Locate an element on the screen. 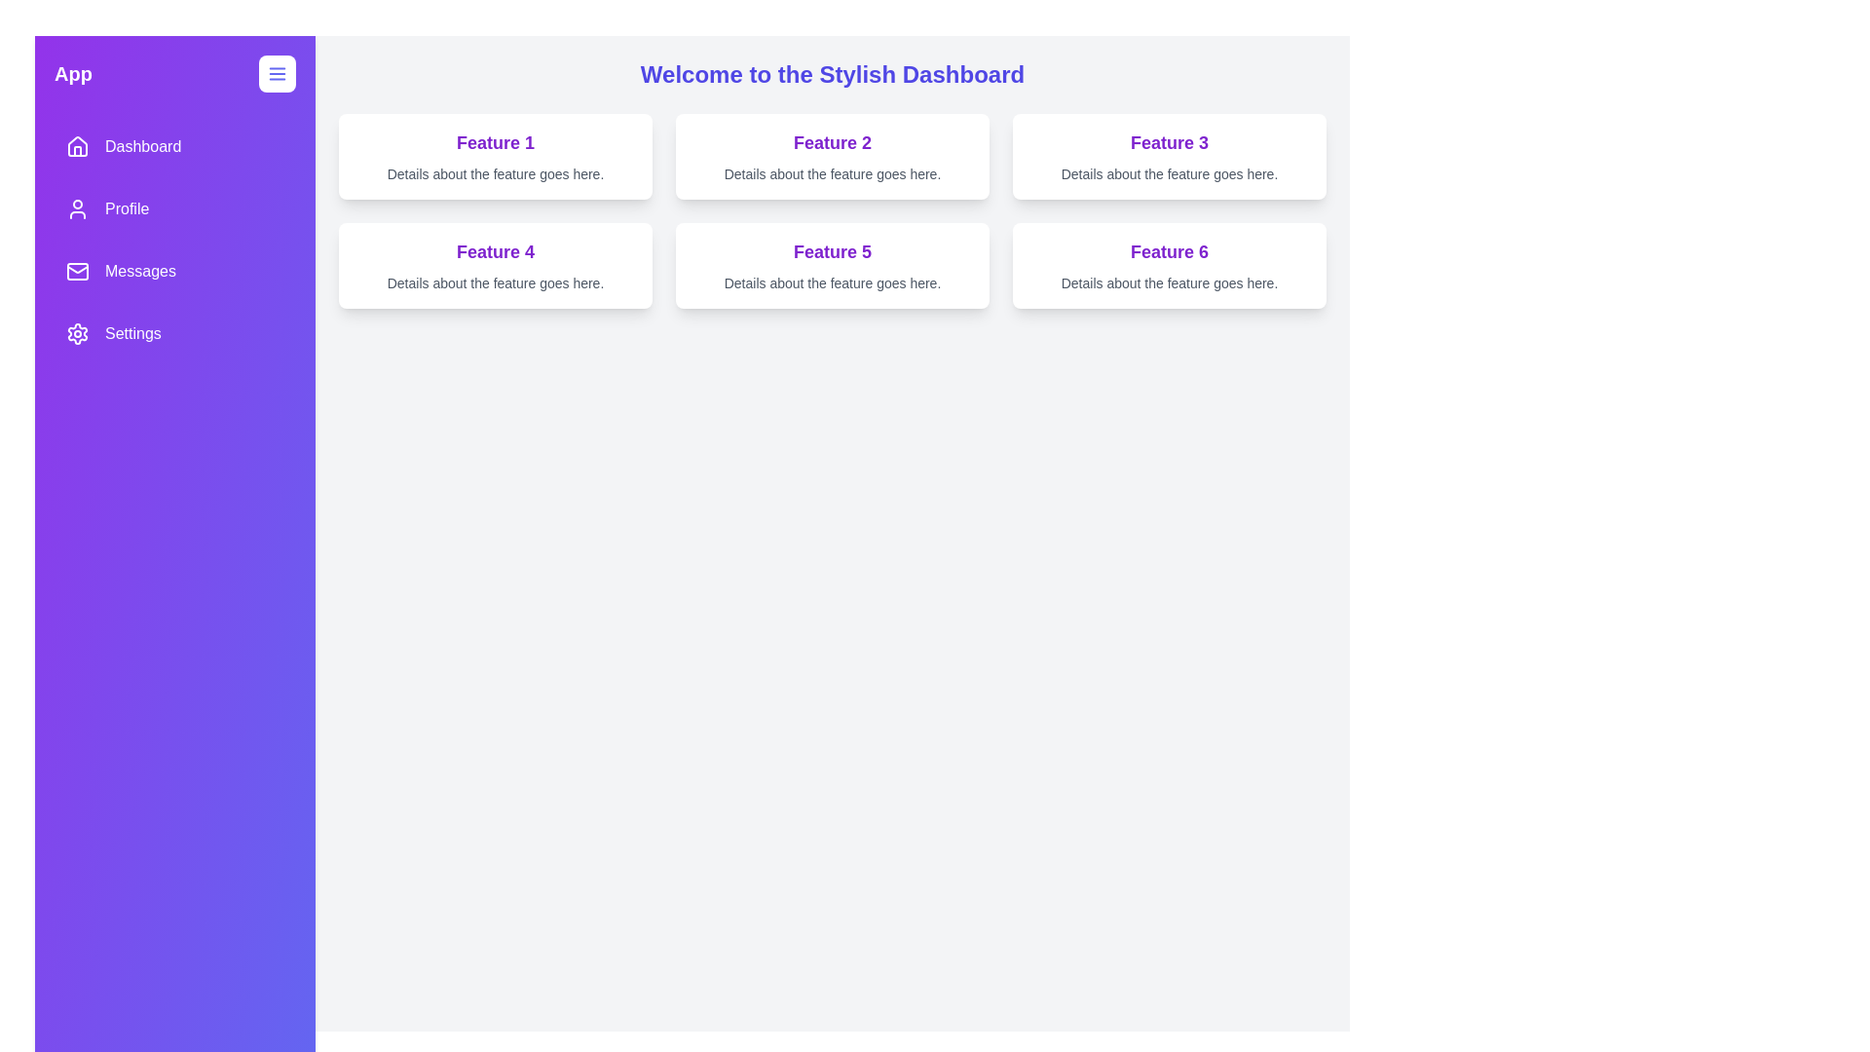  the title heading of the last card in the second row within the grid layout in the main content area is located at coordinates (1169, 250).